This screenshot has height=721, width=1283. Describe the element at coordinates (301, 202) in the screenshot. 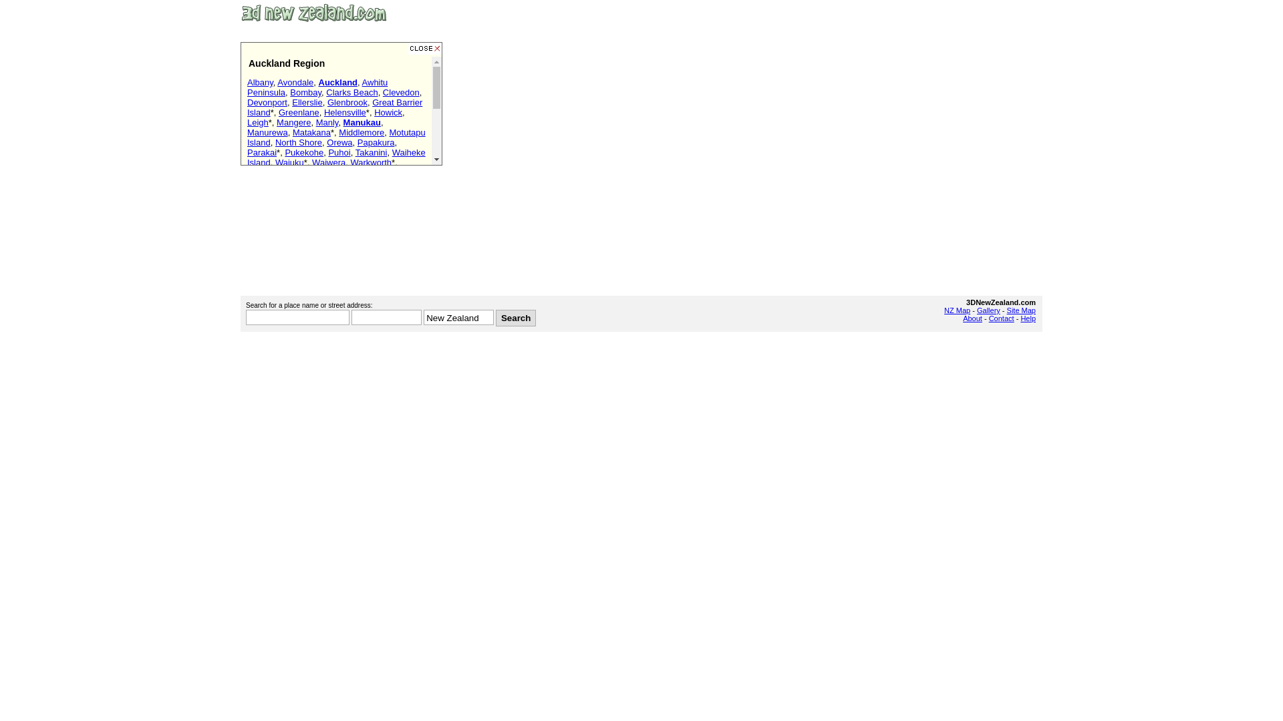

I see `'Rainbow's End'` at that location.